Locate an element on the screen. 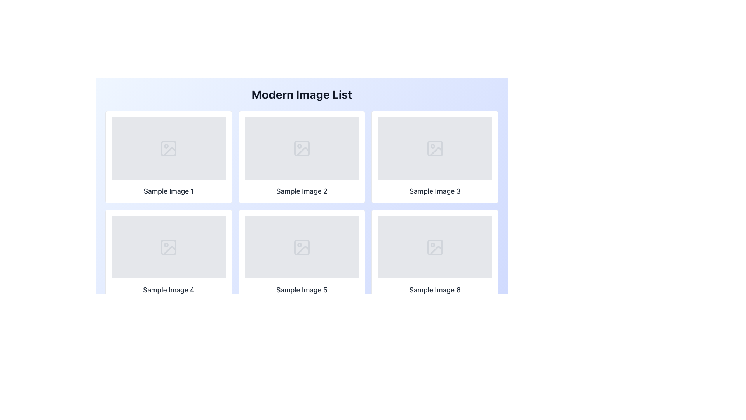 Image resolution: width=746 pixels, height=420 pixels. the text label displaying 'Sample Image 2', which is located below the corresponding thumbnail in the grid structure is located at coordinates (302, 191).